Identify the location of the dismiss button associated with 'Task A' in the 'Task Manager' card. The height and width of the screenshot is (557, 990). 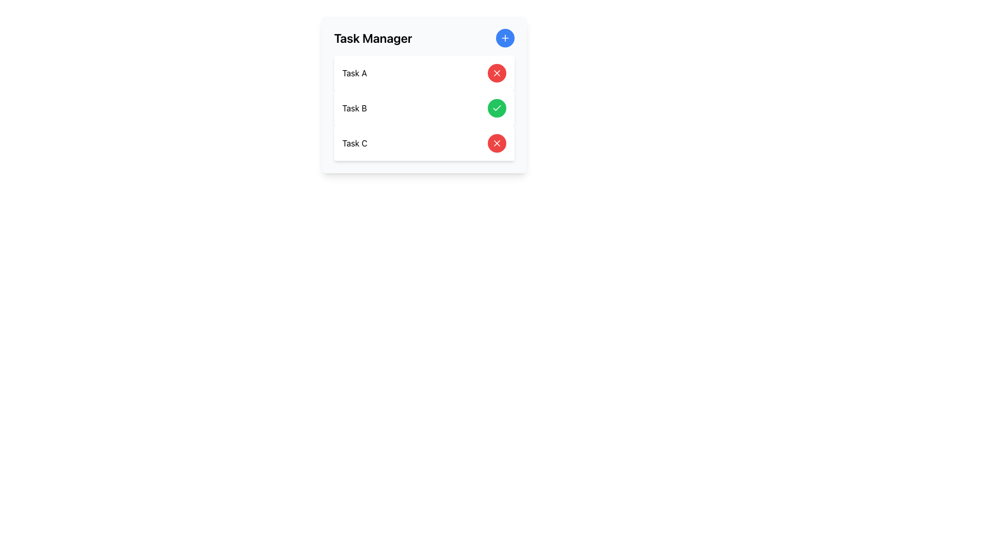
(497, 73).